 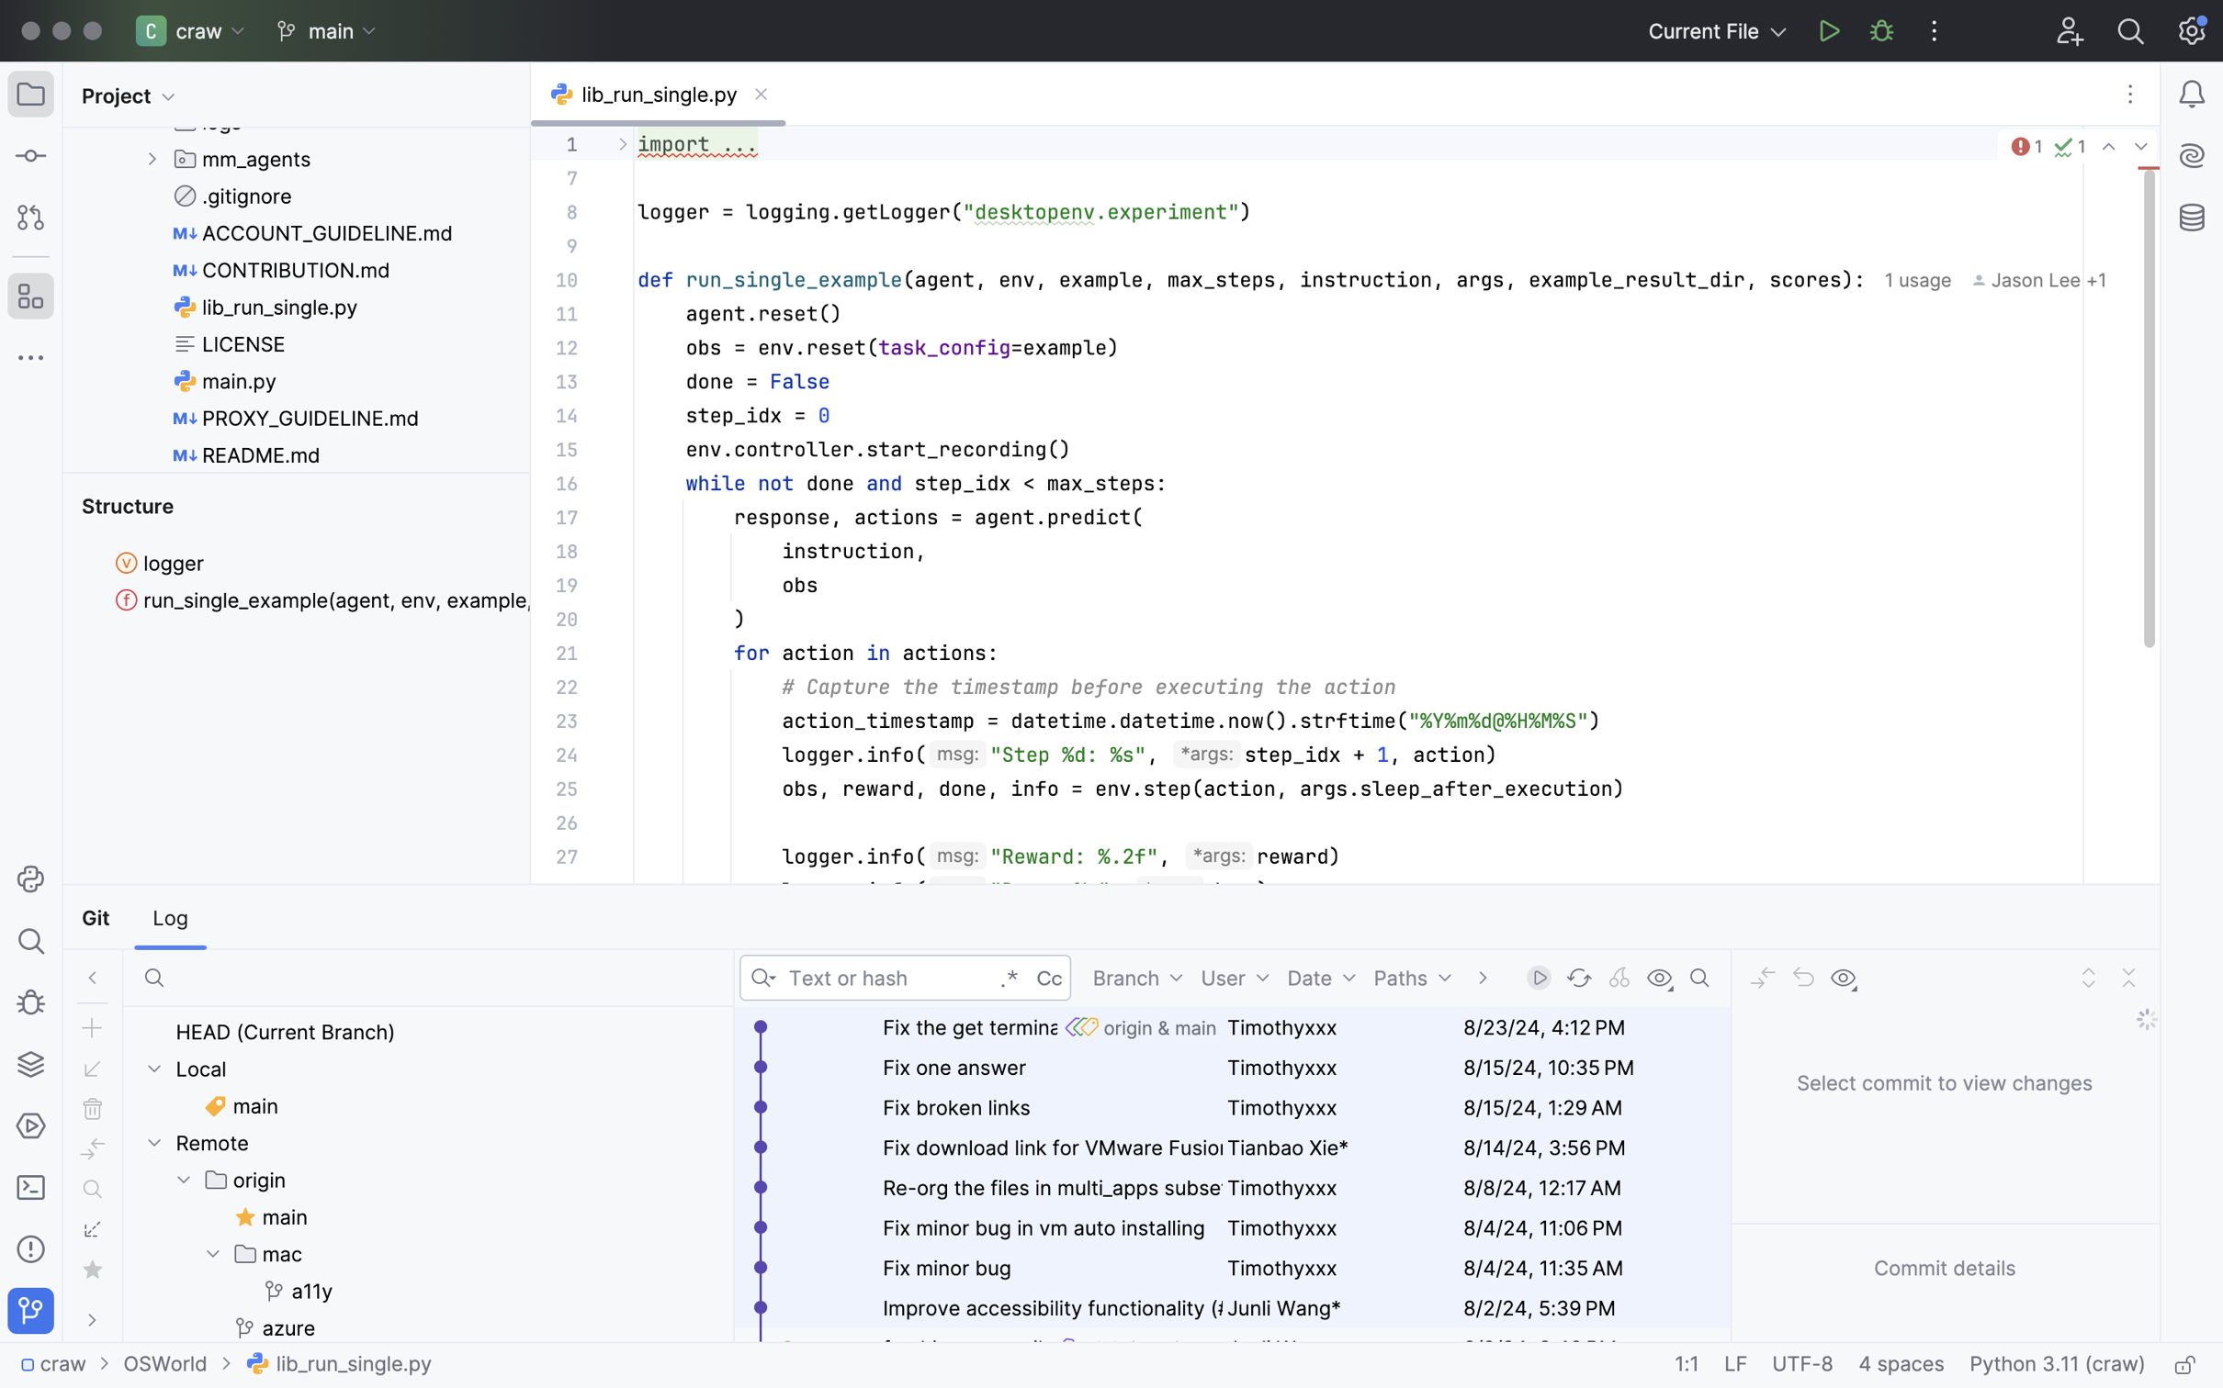 I want to click on '1', so click(x=2024, y=147).